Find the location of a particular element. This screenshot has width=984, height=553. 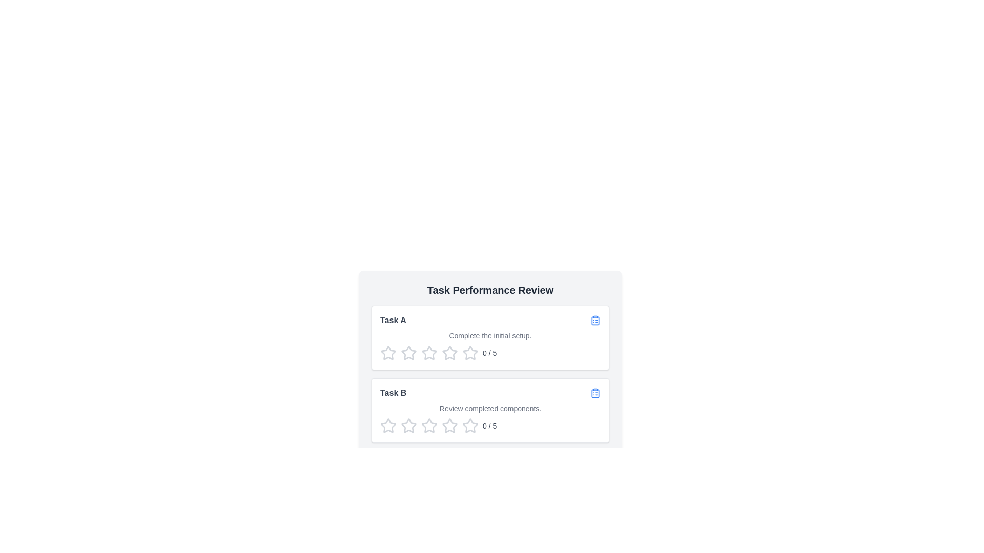

the fifth star-shaped rating icon in the 'Task B' section, which is styled with a light-gray color and has a hover effect that scales it slightly is located at coordinates (469, 426).